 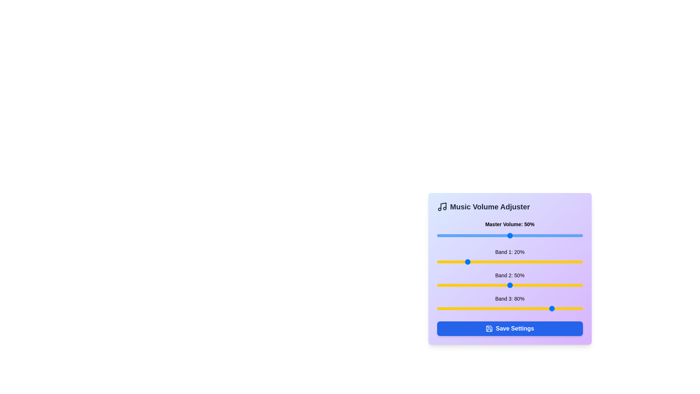 I want to click on the 'Band 3' slider to set a specific intensity value for the parameter, as it is the third slider in a vertical arrangement below 'Band 1' and 'Band 2', so click(x=509, y=304).